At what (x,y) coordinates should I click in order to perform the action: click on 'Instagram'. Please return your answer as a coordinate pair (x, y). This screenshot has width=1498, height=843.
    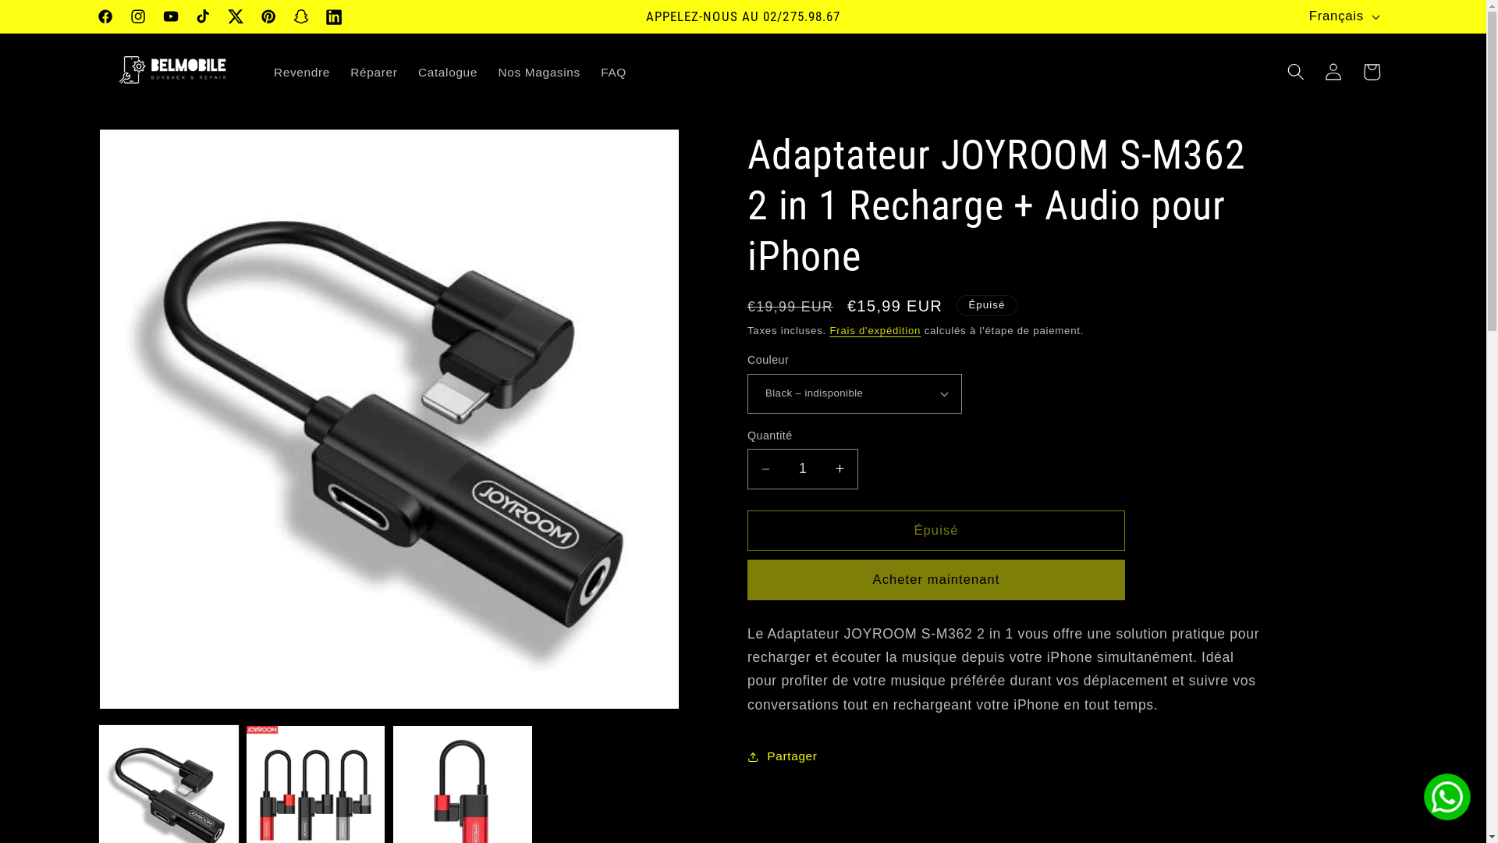
    Looking at the image, I should click on (138, 17).